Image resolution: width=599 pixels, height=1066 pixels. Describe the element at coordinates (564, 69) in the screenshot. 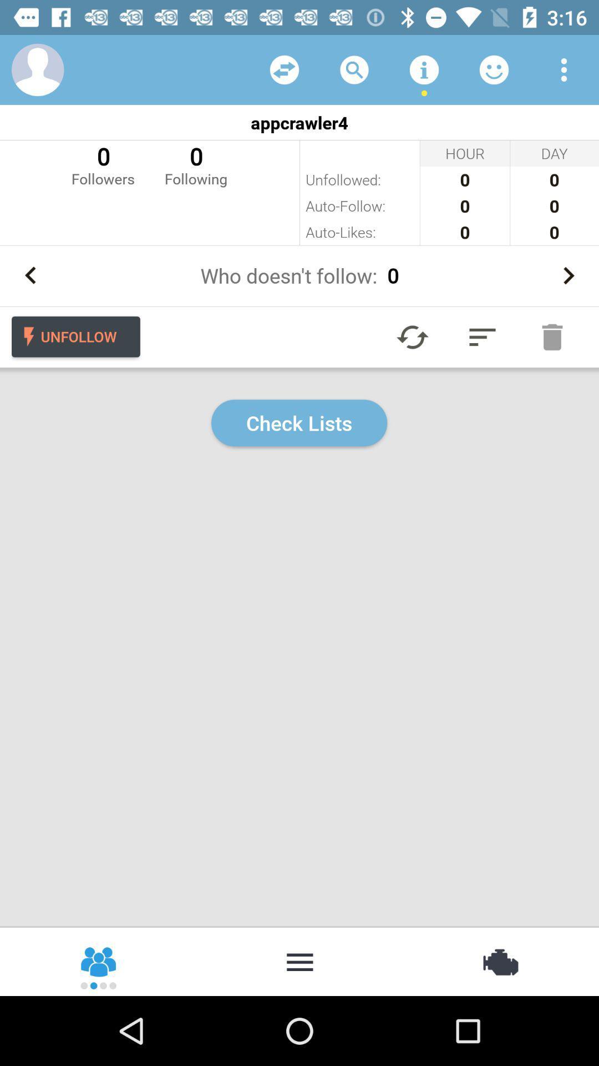

I see `see more options` at that location.